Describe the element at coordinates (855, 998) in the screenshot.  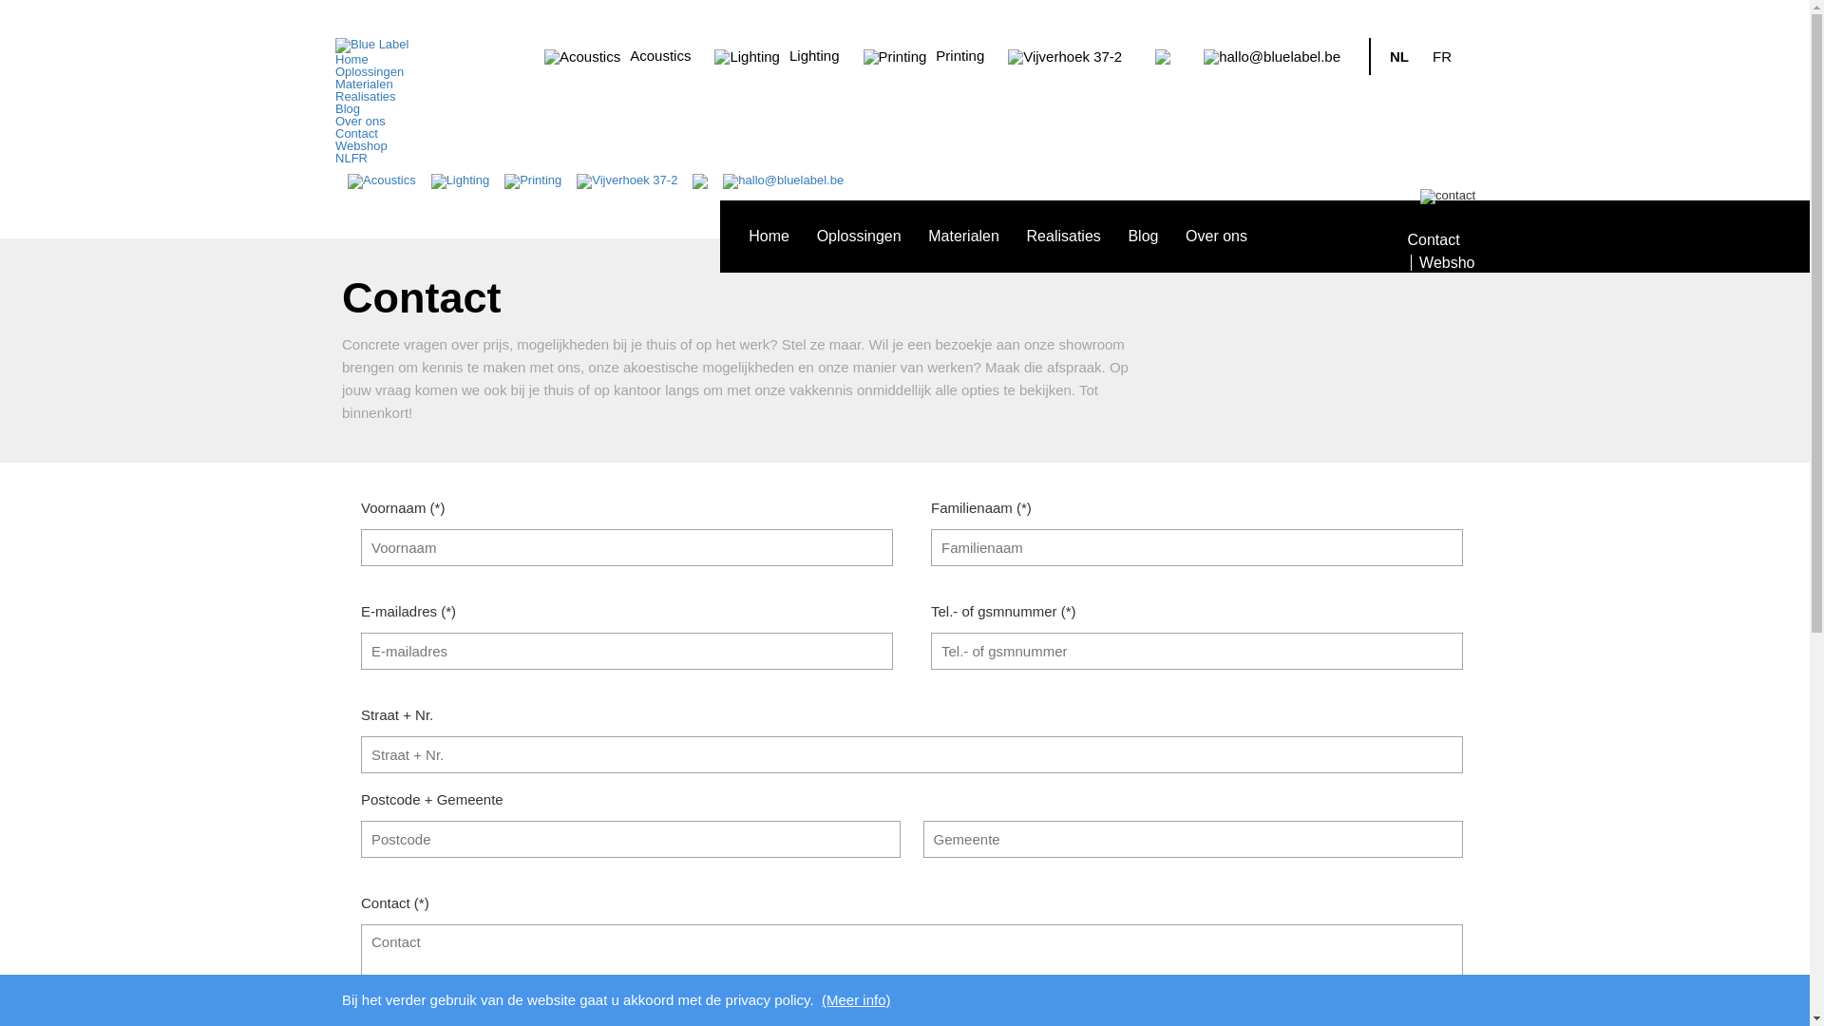
I see `'(Meer info)'` at that location.